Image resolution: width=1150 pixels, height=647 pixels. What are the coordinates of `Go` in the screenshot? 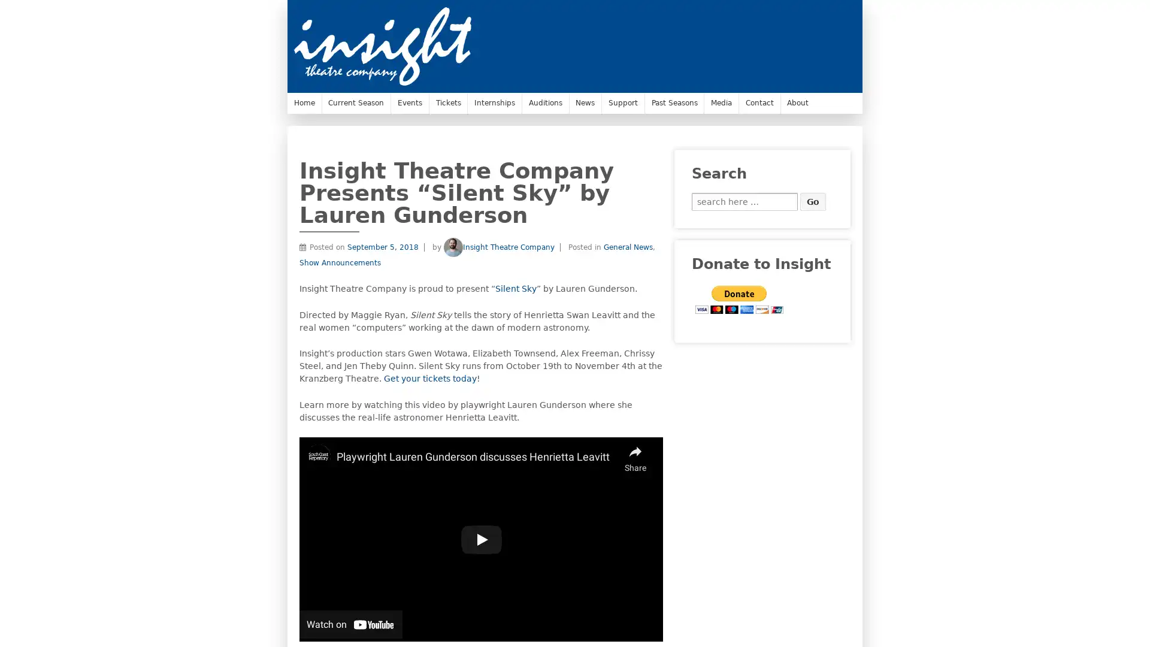 It's located at (813, 201).